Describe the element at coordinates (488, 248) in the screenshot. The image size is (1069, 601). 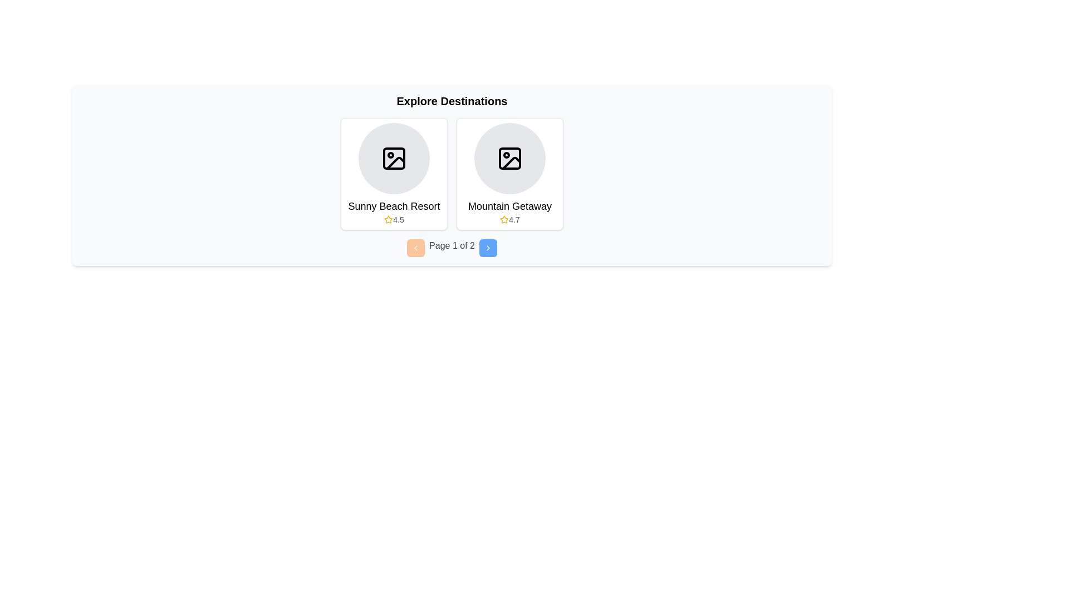
I see `the blue rectangular button with rounded corners and a right-facing white chevron icon` at that location.